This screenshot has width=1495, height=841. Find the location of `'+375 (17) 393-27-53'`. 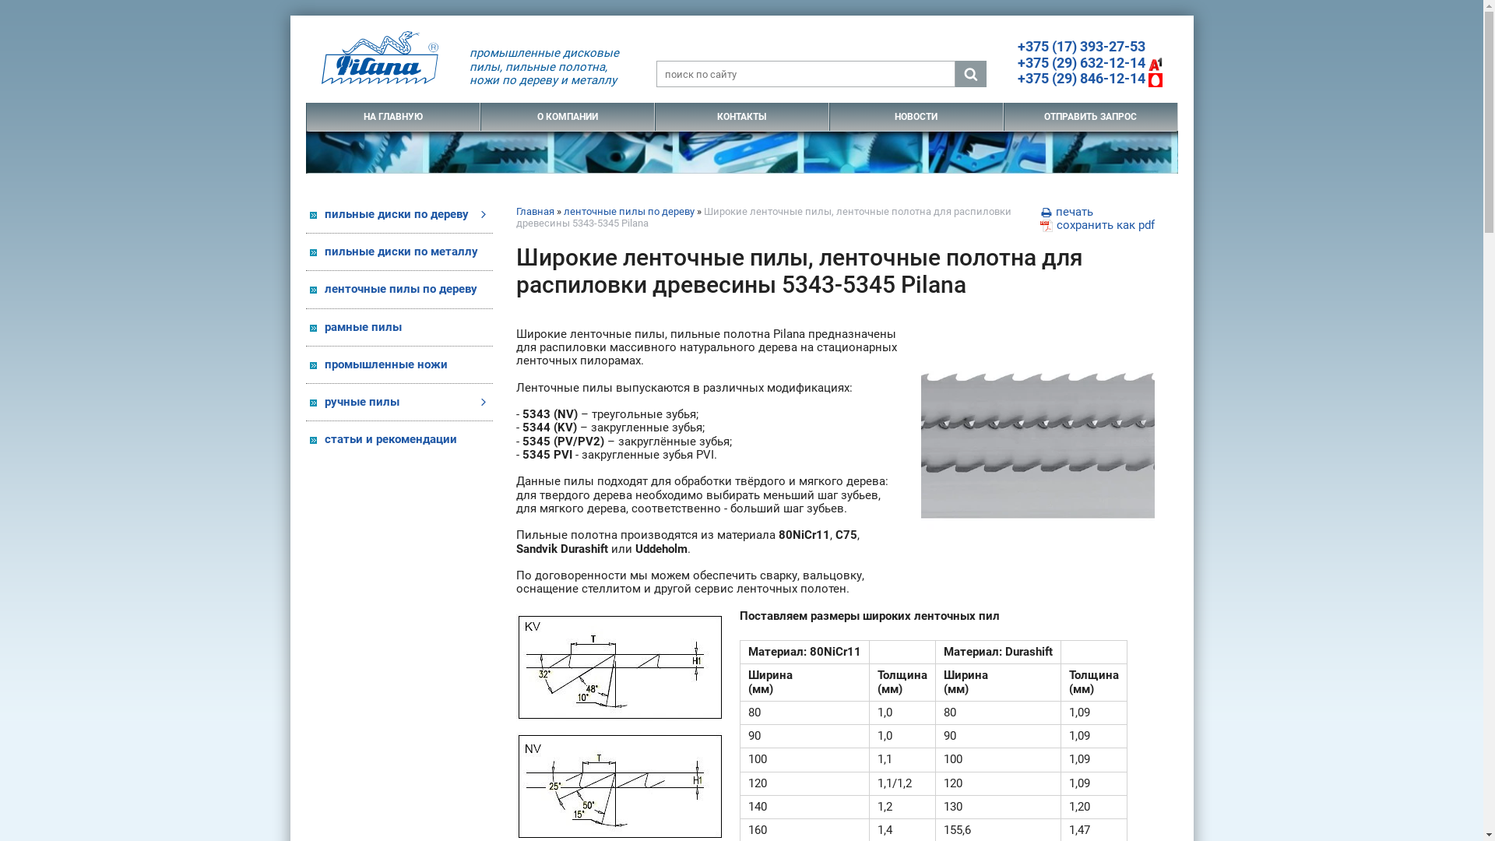

'+375 (17) 393-27-53' is located at coordinates (1079, 45).